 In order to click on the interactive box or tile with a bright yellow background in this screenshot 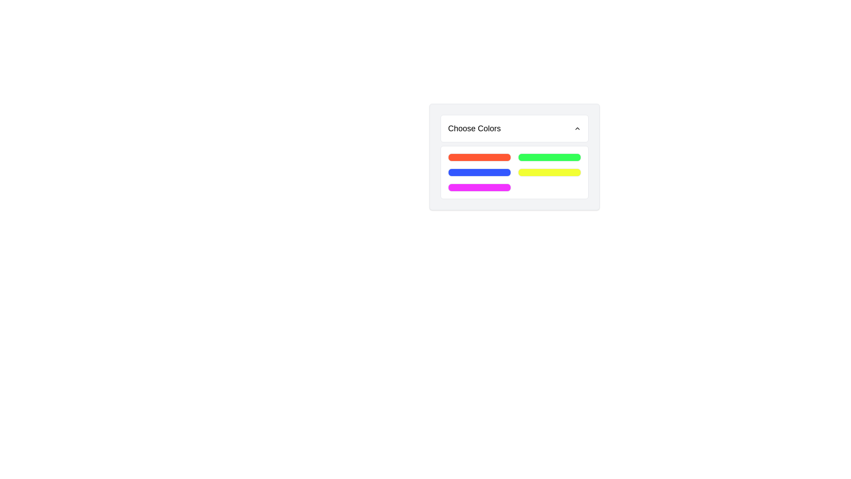, I will do `click(549, 173)`.